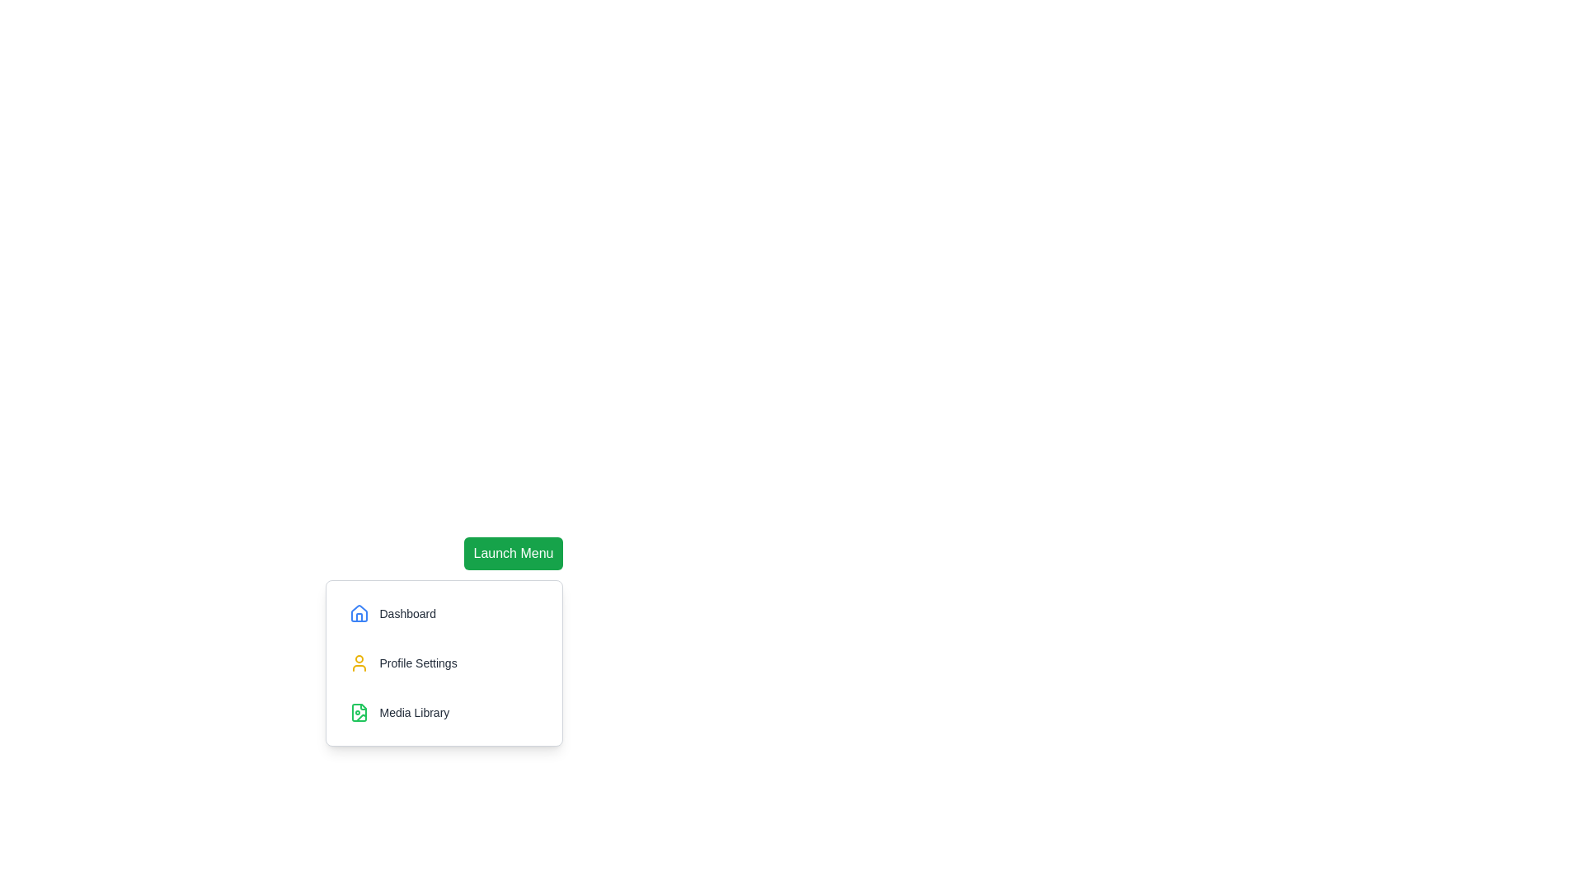 The width and height of the screenshot is (1583, 890). Describe the element at coordinates (359, 613) in the screenshot. I see `the house icon styled with text-blue-500 color, located to the left of the 'Dashboard' text in the menu` at that location.